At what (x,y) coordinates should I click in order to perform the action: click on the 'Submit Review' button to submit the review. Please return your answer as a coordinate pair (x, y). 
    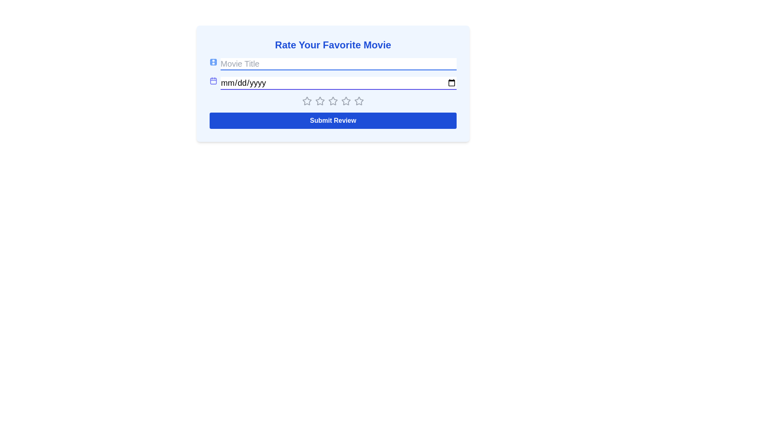
    Looking at the image, I should click on (333, 121).